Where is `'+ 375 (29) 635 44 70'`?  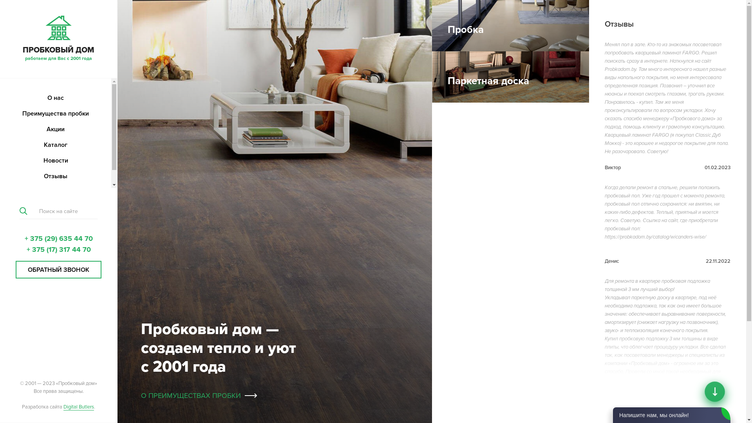 '+ 375 (29) 635 44 70' is located at coordinates (58, 238).